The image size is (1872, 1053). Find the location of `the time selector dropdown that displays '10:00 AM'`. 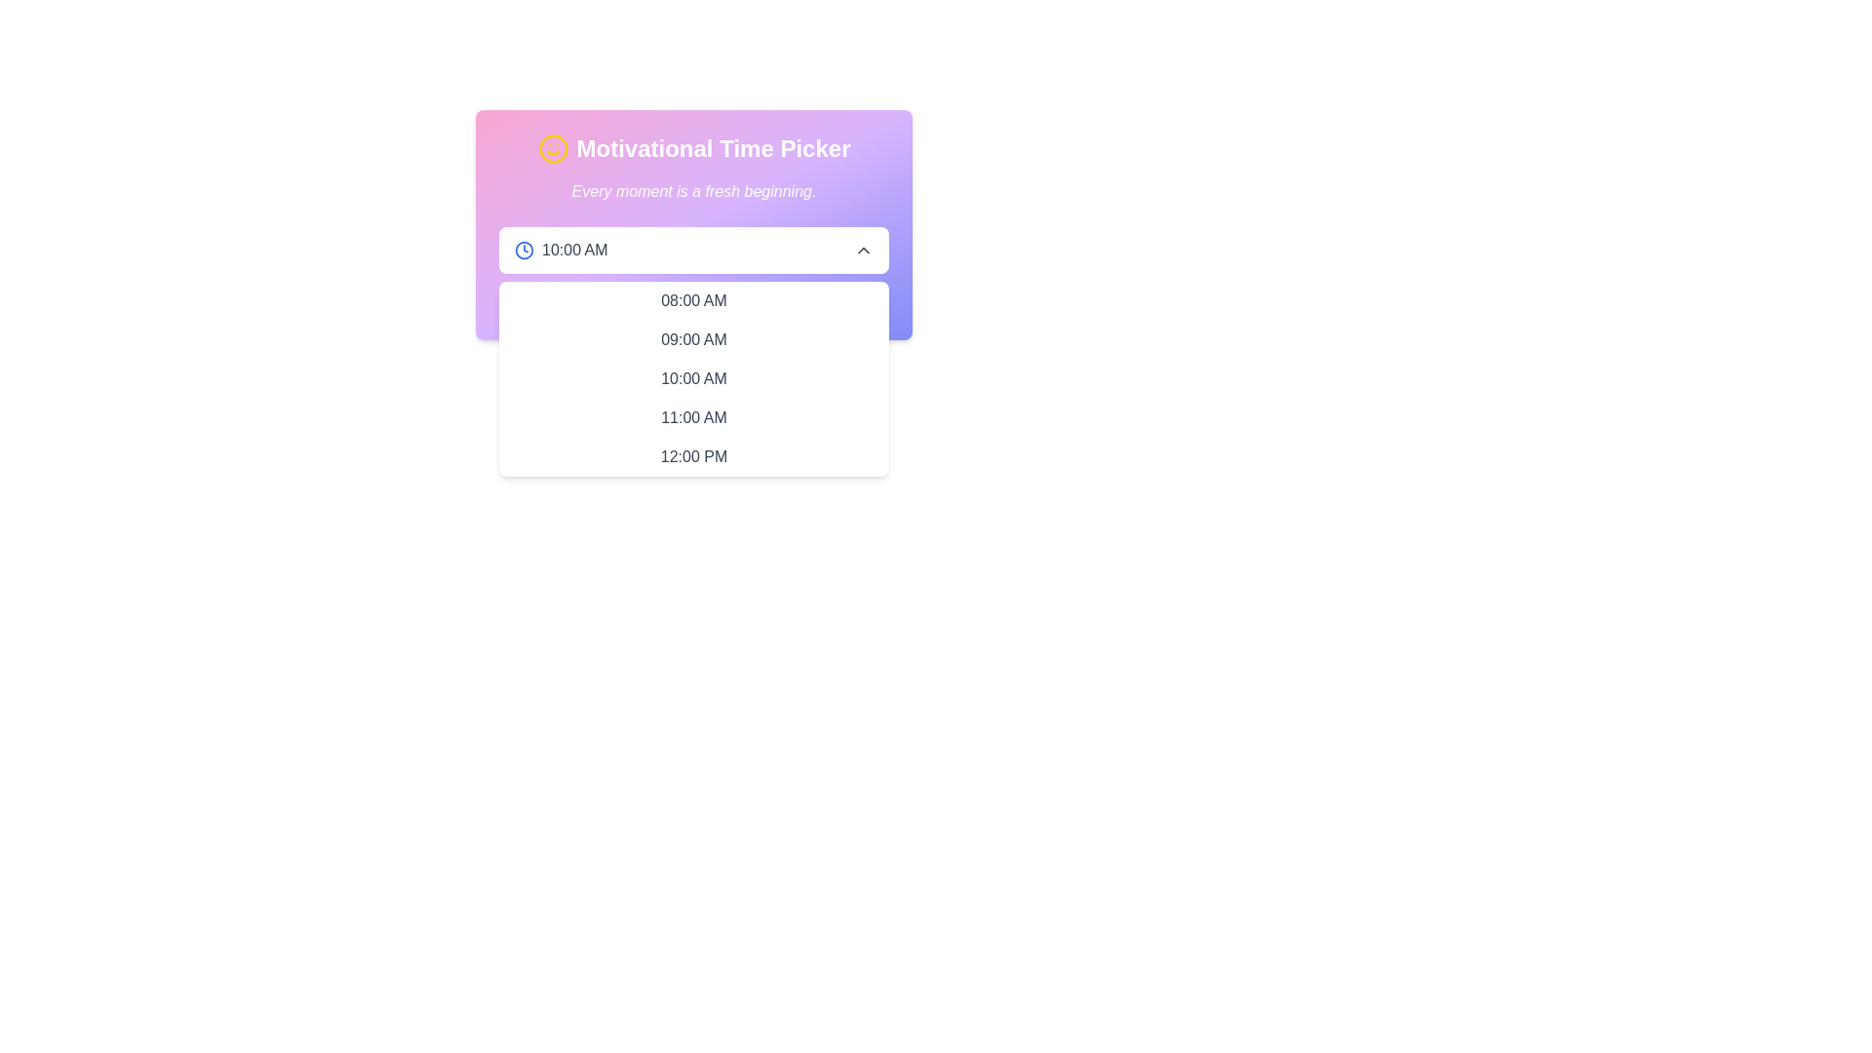

the time selector dropdown that displays '10:00 AM' is located at coordinates (693, 250).